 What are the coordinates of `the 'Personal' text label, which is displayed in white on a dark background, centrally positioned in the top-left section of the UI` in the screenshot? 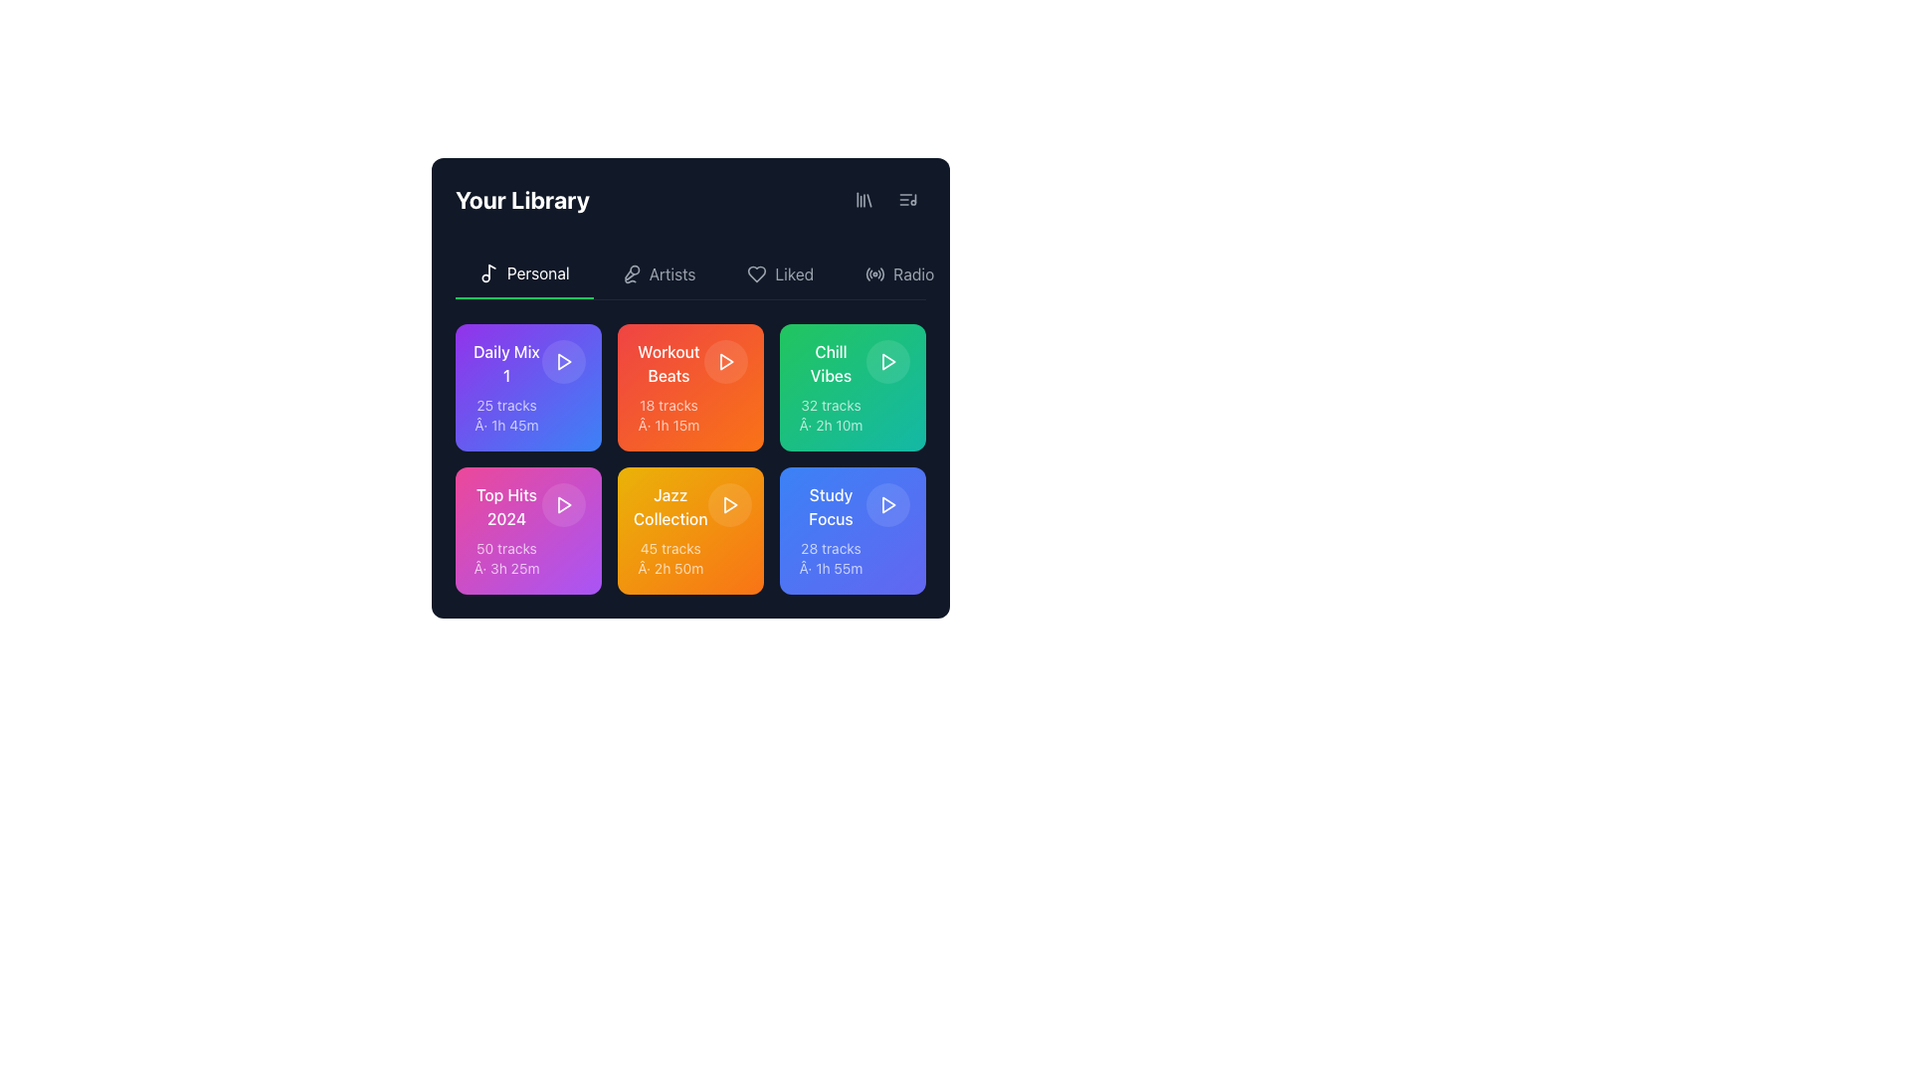 It's located at (538, 272).